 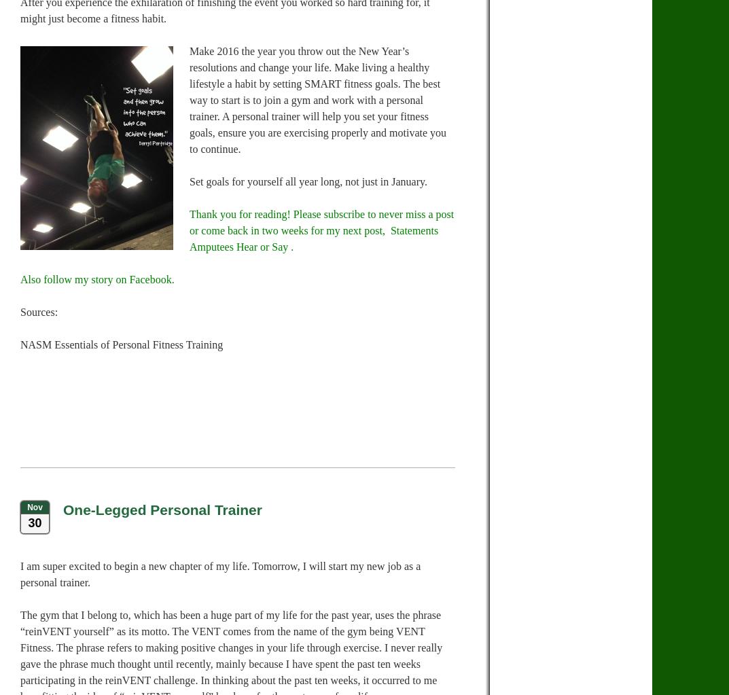 What do you see at coordinates (220, 573) in the screenshot?
I see `'I am super excited to begin a new chapter of my life. Tomorrow, I will start my new job as a personal trainer.'` at bounding box center [220, 573].